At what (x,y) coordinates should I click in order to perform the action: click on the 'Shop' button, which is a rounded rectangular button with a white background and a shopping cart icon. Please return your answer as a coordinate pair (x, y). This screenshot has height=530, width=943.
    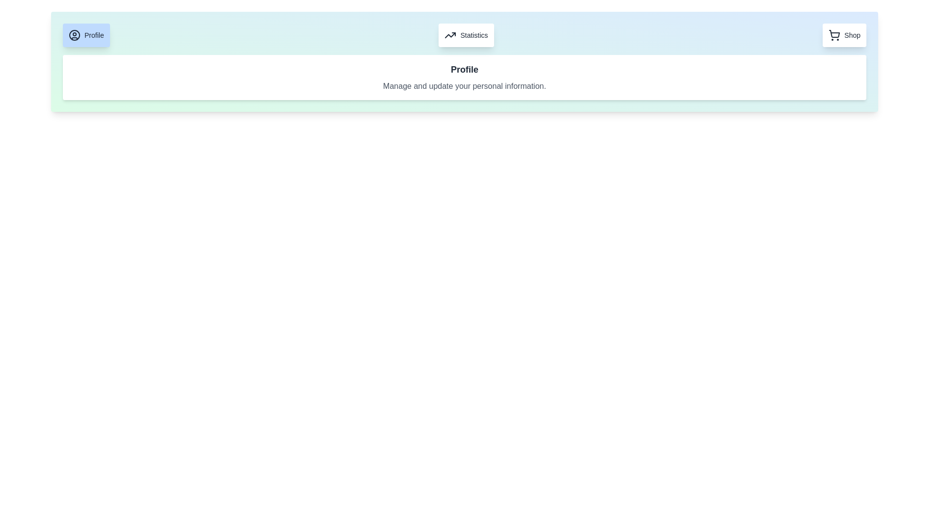
    Looking at the image, I should click on (844, 35).